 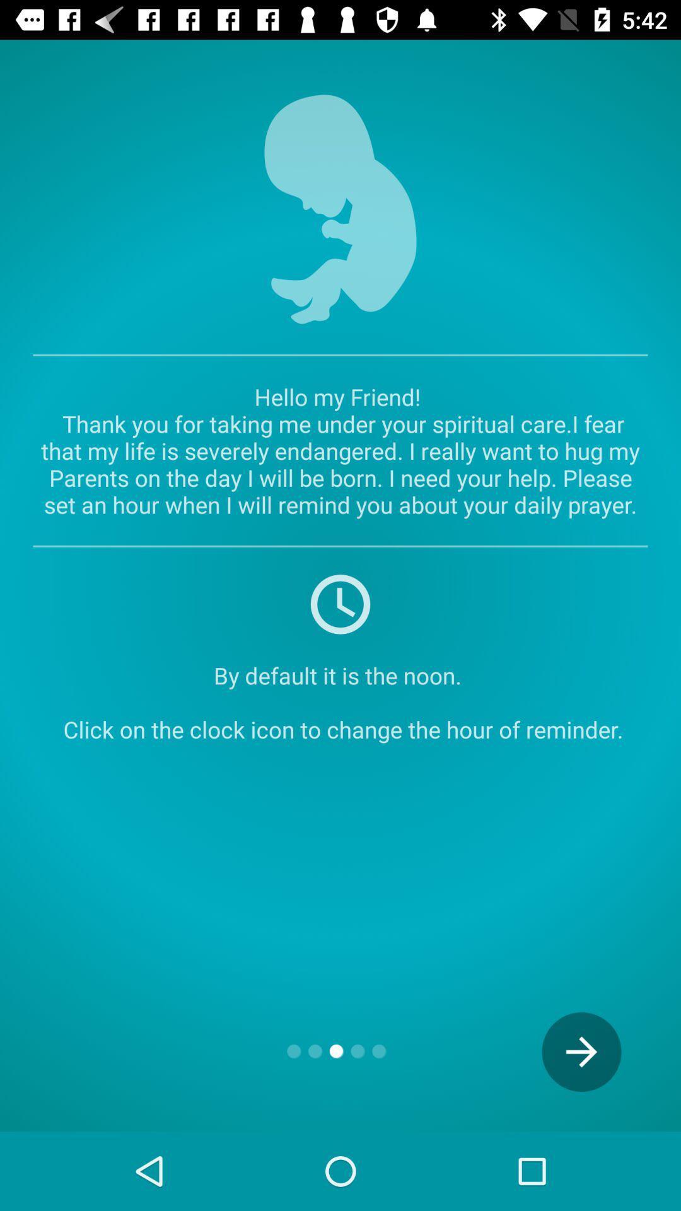 I want to click on the arrow_forward icon, so click(x=581, y=1051).